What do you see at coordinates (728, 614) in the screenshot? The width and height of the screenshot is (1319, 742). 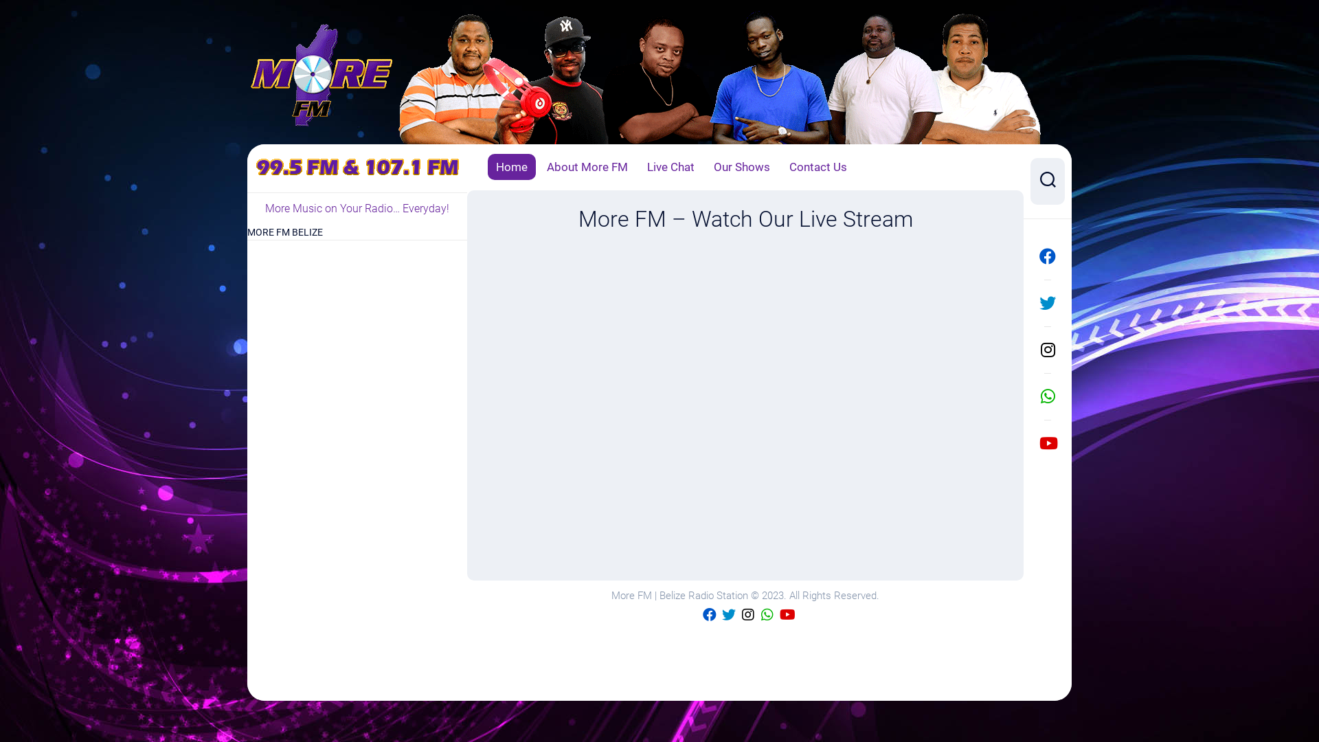 I see `'Twitter'` at bounding box center [728, 614].